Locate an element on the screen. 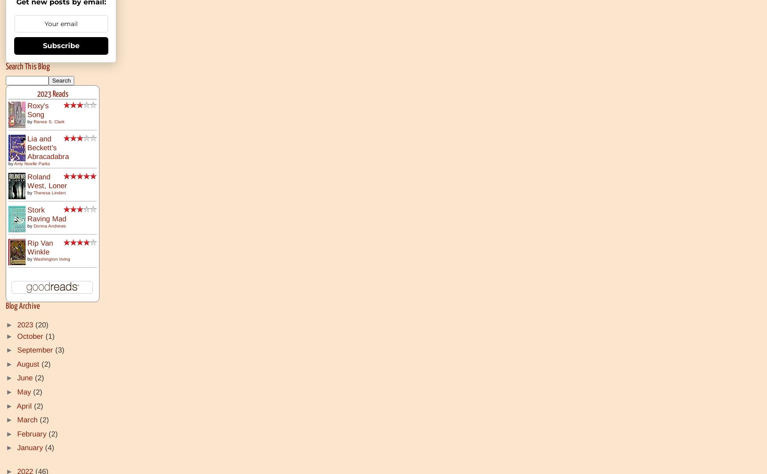 Image resolution: width=767 pixels, height=474 pixels. 'June' is located at coordinates (26, 377).